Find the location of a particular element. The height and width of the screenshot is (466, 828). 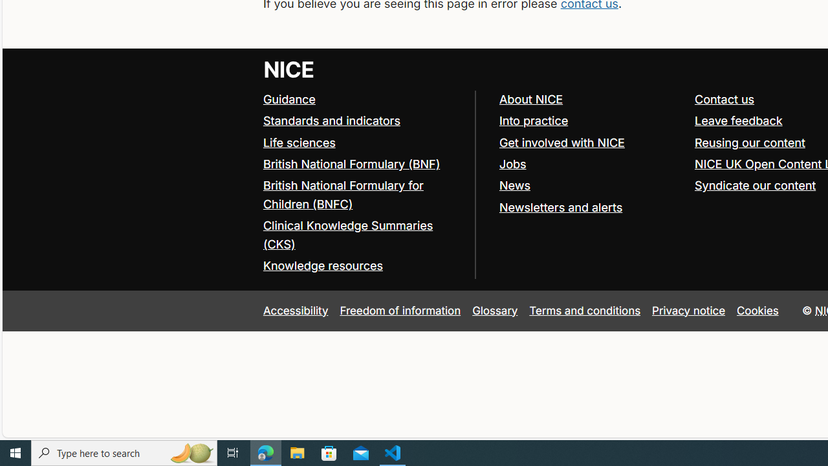

'Jobs' is located at coordinates (590, 164).